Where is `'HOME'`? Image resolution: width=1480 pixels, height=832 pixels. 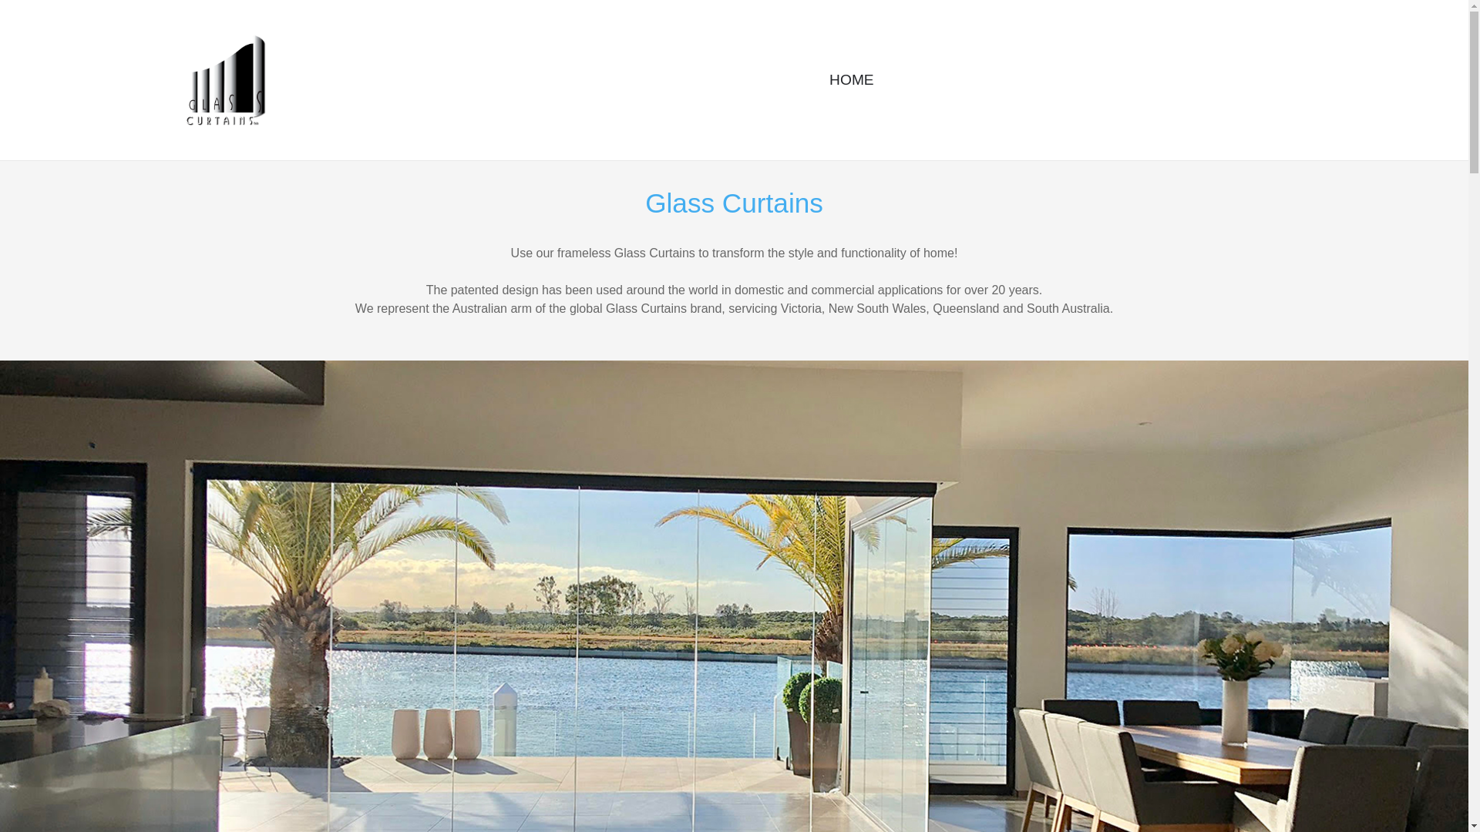
'HOME' is located at coordinates (850, 80).